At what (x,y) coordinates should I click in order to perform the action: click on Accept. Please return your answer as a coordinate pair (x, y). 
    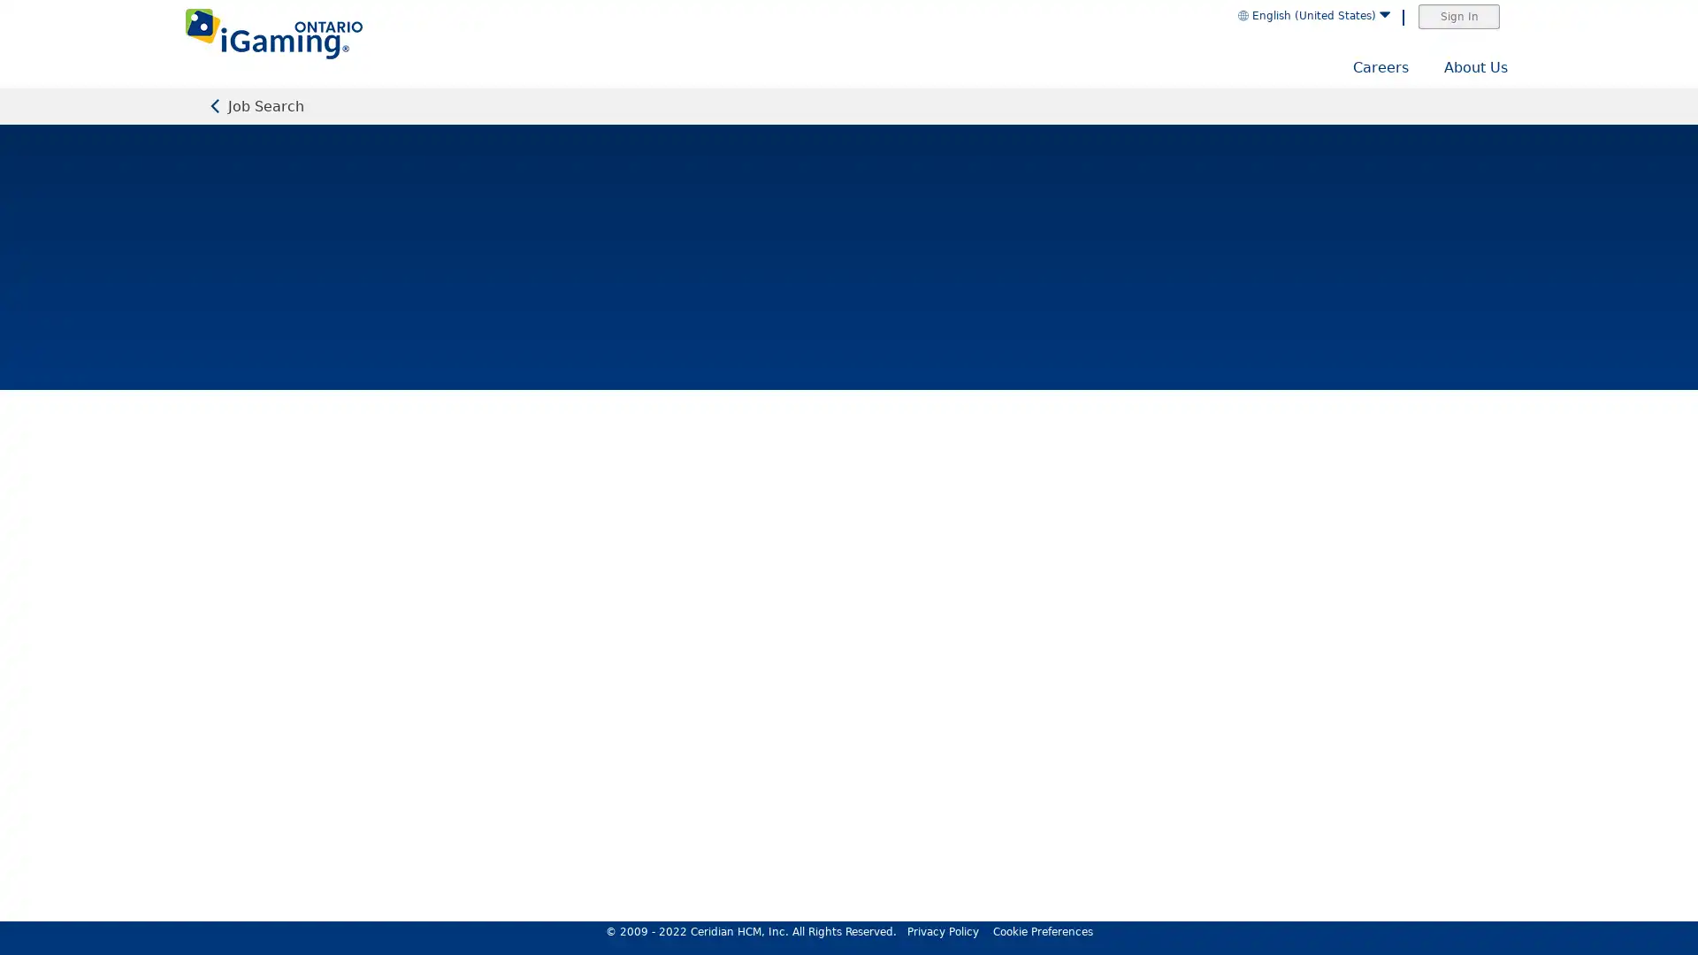
    Looking at the image, I should click on (1618, 899).